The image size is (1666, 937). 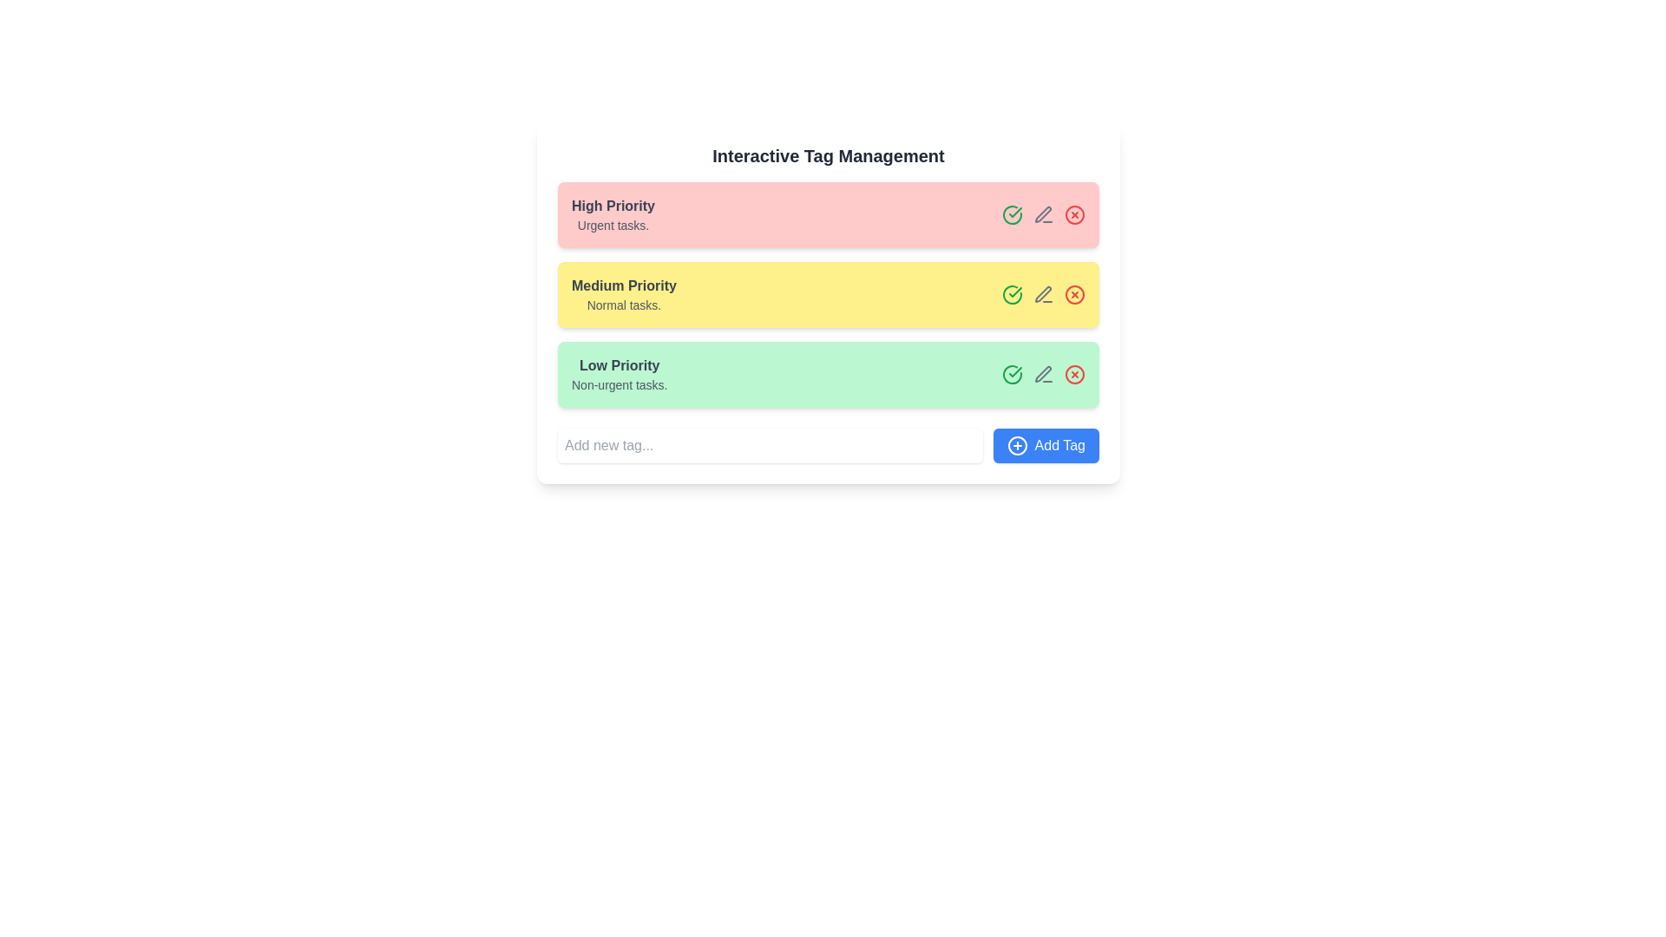 What do you see at coordinates (1073, 213) in the screenshot?
I see `the circular red cross icon located as the third icon in the row of interactive icons on the right side of the 'High Priority' bar` at bounding box center [1073, 213].